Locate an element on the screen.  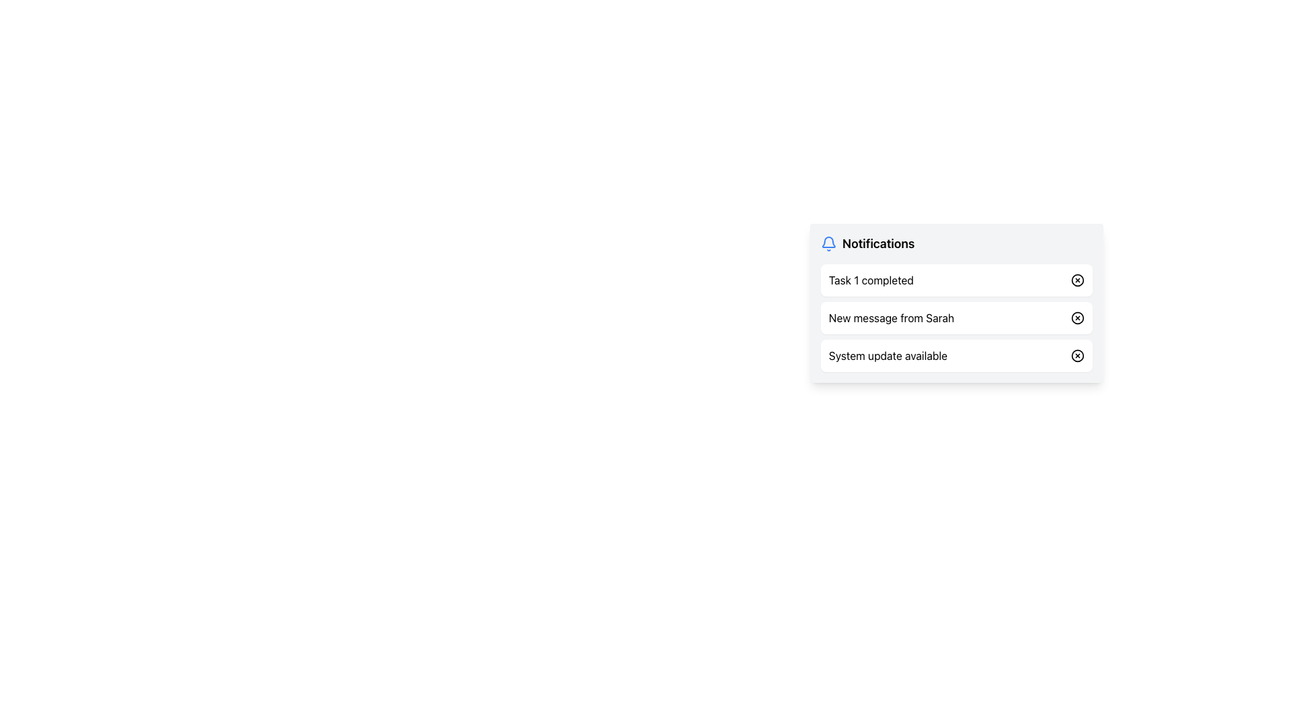
the static text label displaying 'Task 1 completed' in the notifications section, which is the first notification in the list is located at coordinates (871, 280).